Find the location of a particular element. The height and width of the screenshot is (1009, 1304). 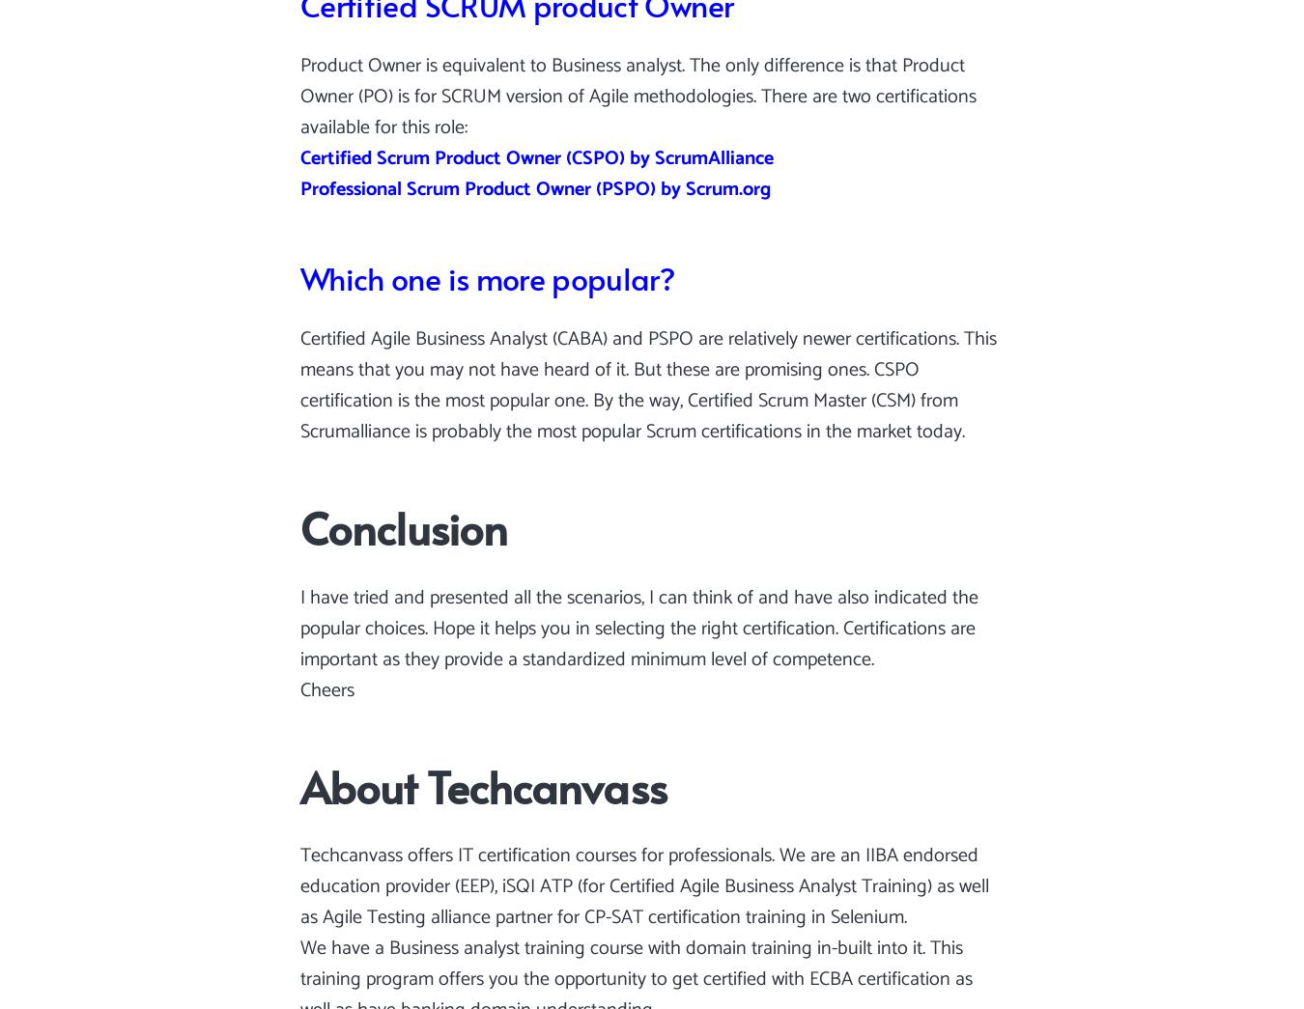

'Which one is more popular?' is located at coordinates (299, 276).